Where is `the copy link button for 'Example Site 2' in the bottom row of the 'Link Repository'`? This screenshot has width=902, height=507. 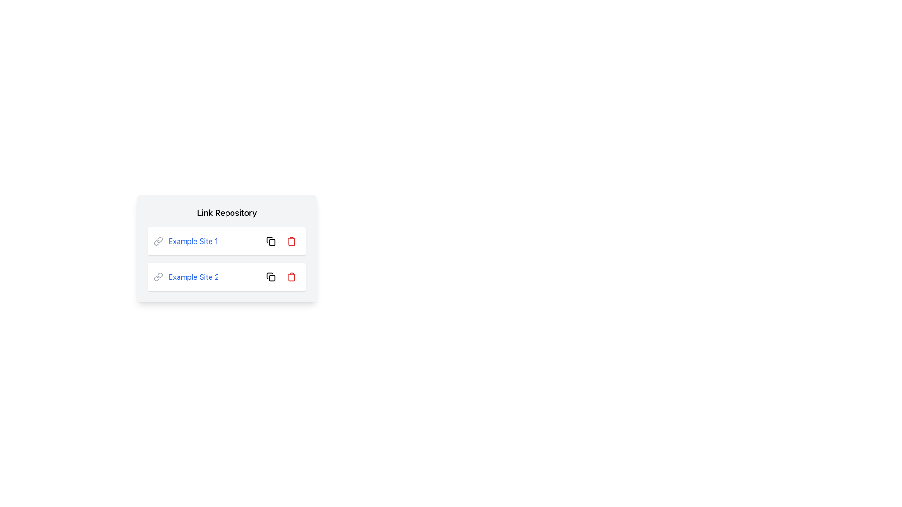
the copy link button for 'Example Site 2' in the bottom row of the 'Link Repository' is located at coordinates (270, 277).